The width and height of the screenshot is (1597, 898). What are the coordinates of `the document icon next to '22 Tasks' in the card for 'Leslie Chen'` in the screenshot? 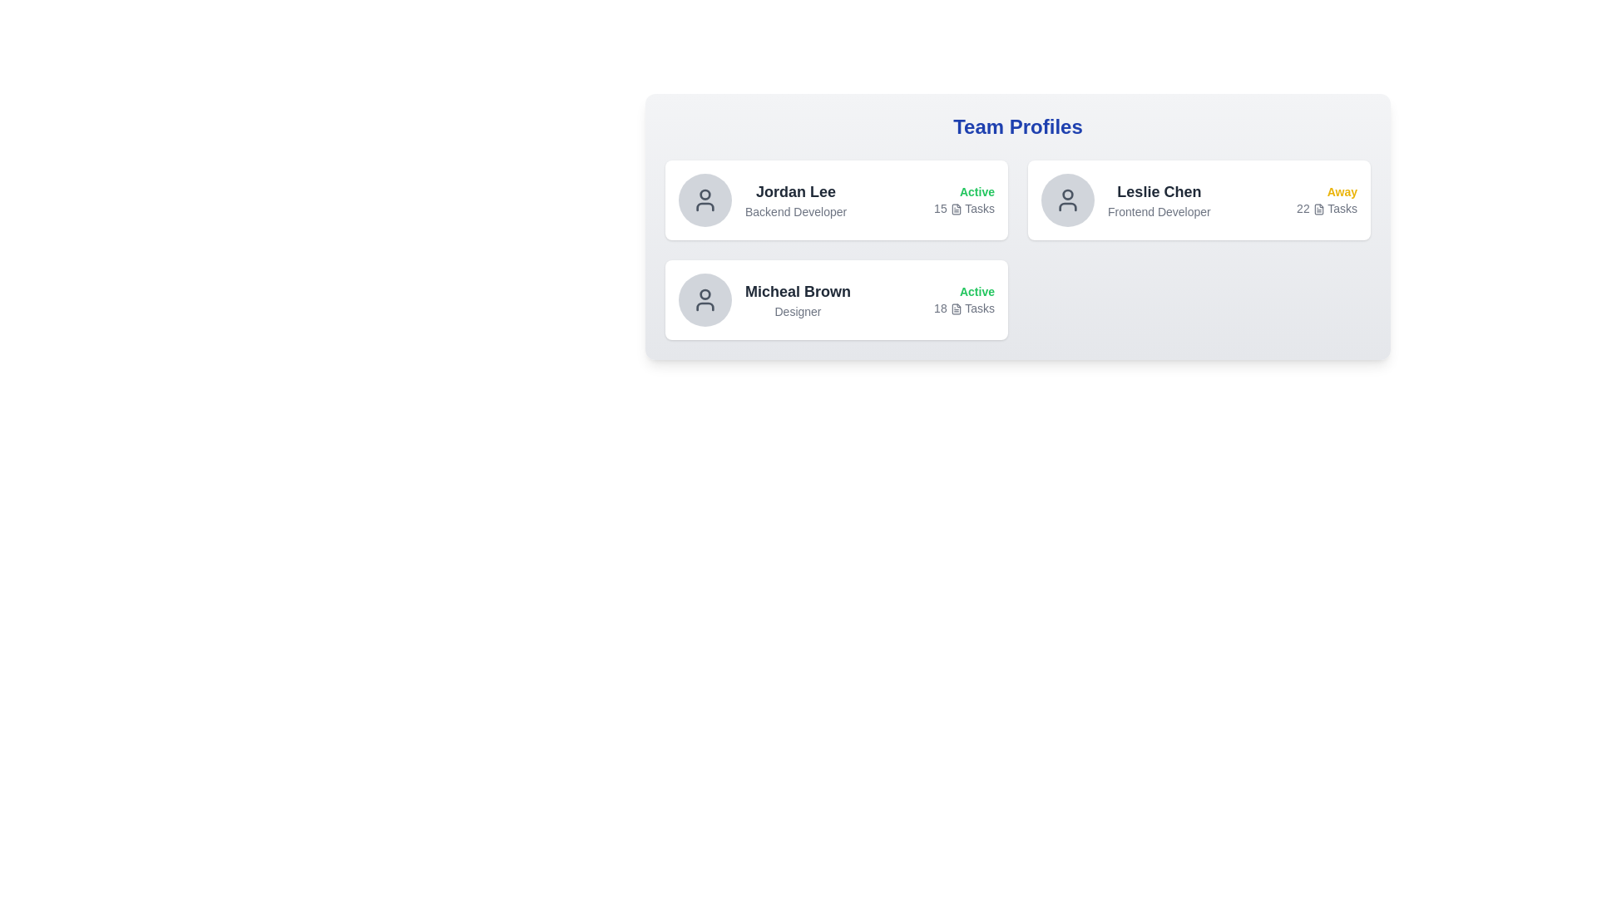 It's located at (1318, 209).